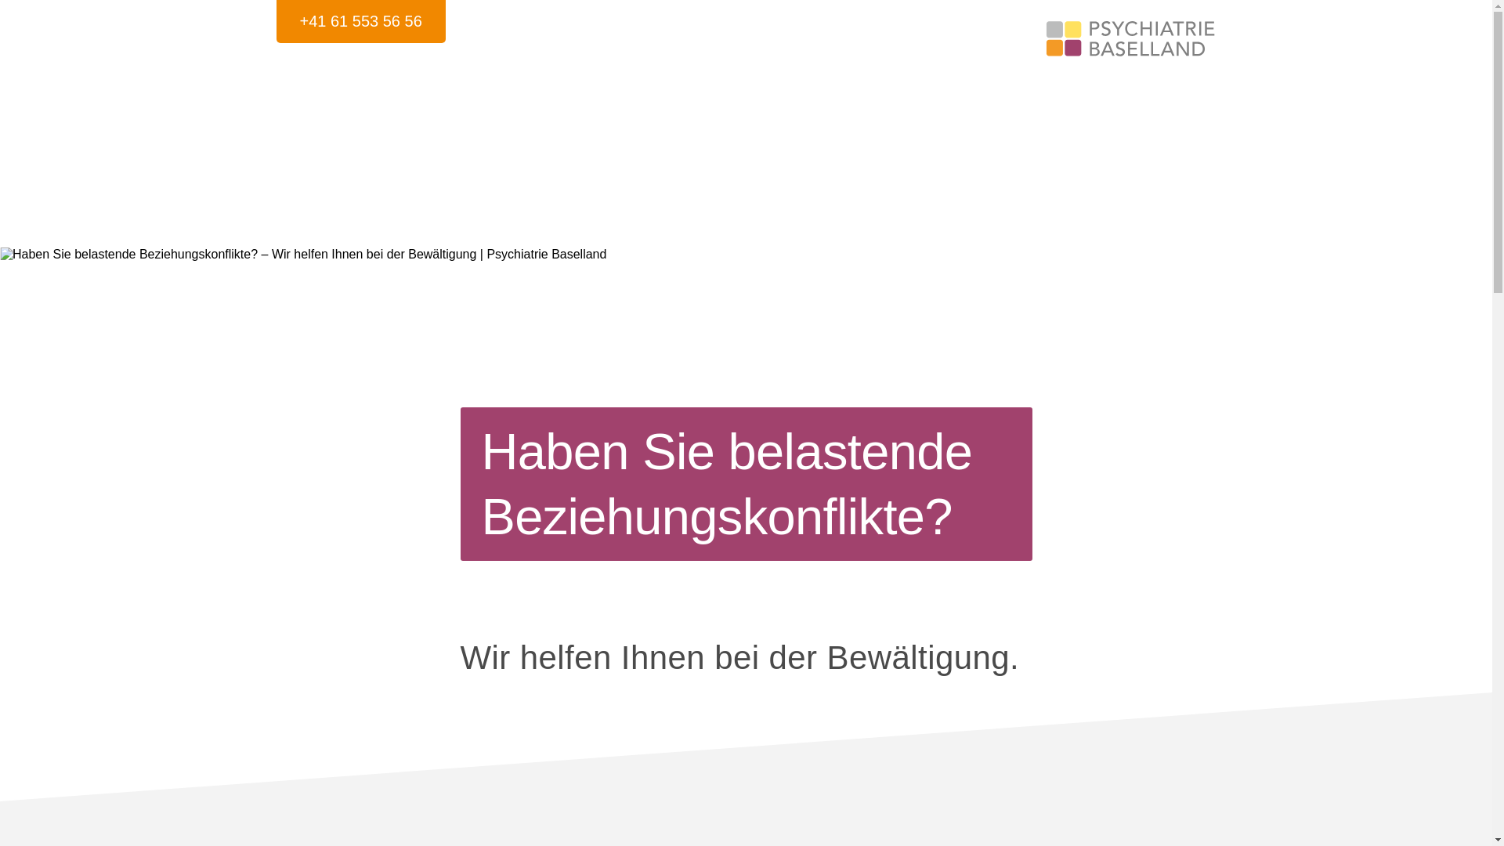  I want to click on '+41 61 553 56 56', so click(360, 21).